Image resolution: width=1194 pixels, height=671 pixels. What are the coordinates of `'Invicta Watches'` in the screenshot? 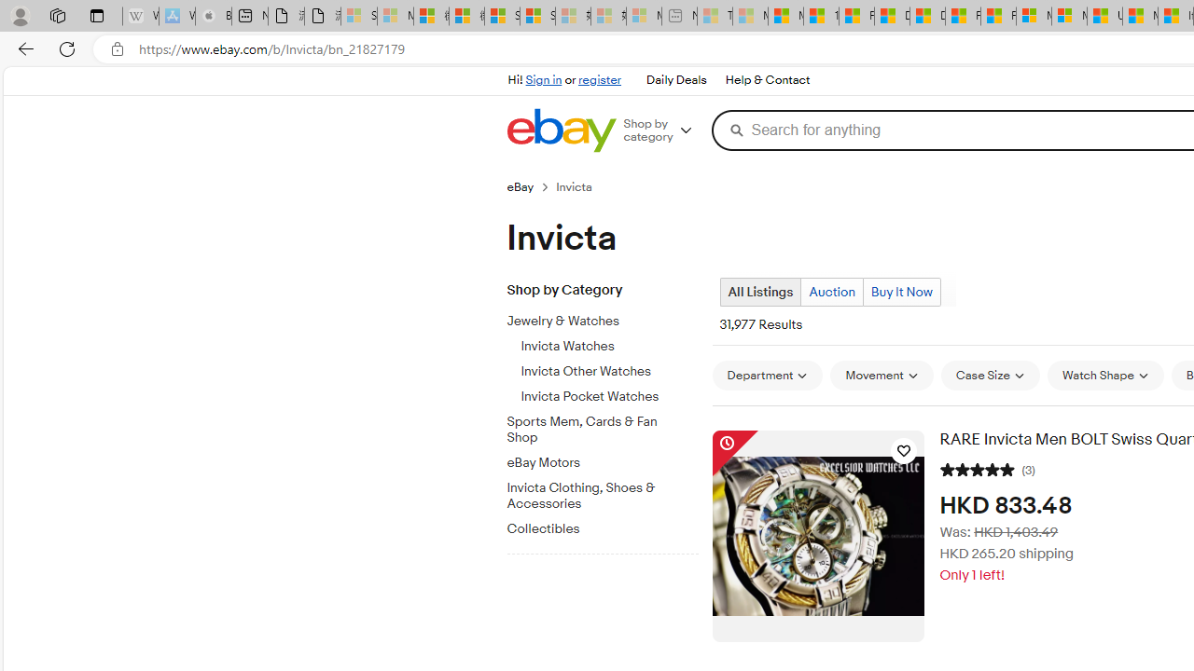 It's located at (609, 347).